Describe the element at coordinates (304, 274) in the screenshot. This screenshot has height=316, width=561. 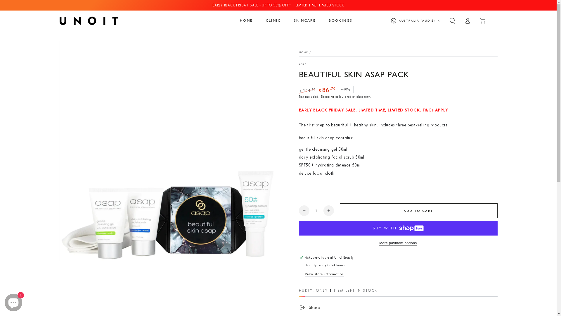
I see `'View store information'` at that location.